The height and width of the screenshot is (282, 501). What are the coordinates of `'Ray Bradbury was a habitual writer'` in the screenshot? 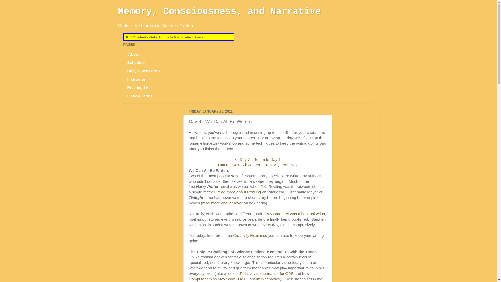 It's located at (295, 214).